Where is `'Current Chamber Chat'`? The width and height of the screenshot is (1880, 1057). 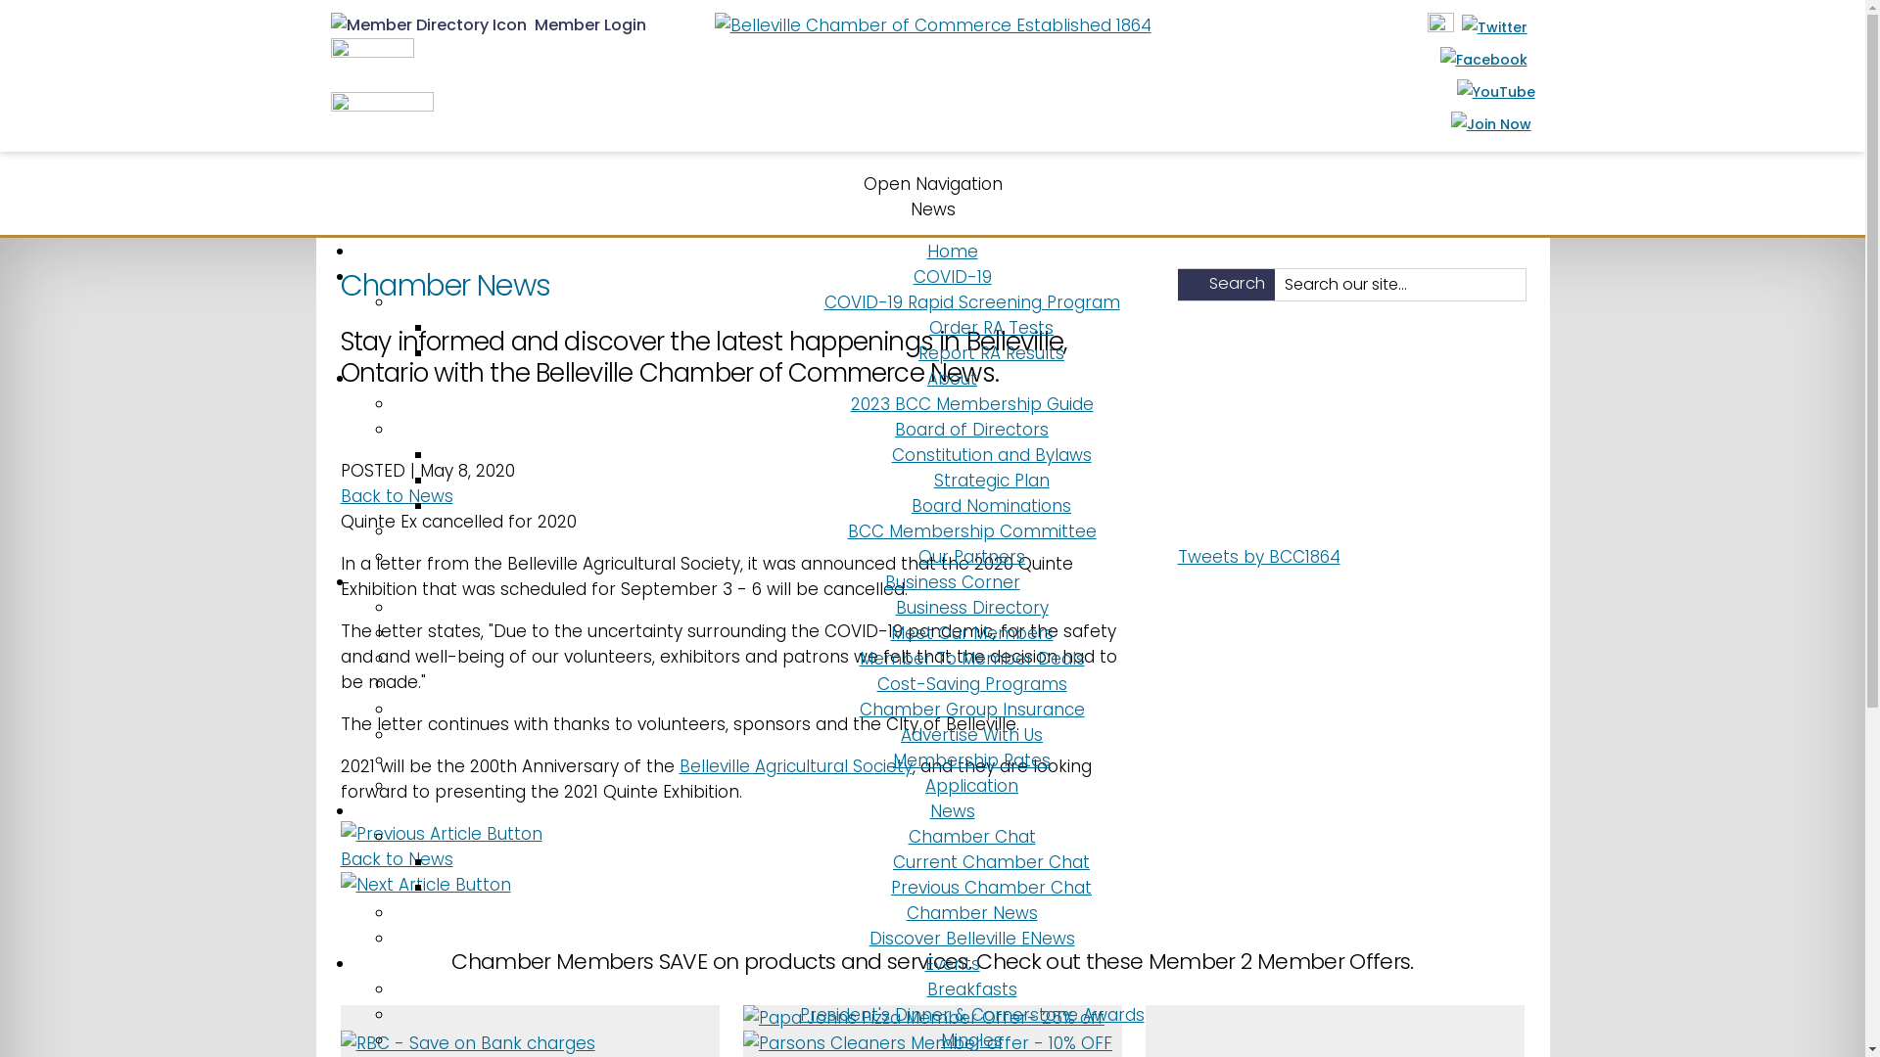 'Current Chamber Chat' is located at coordinates (892, 860).